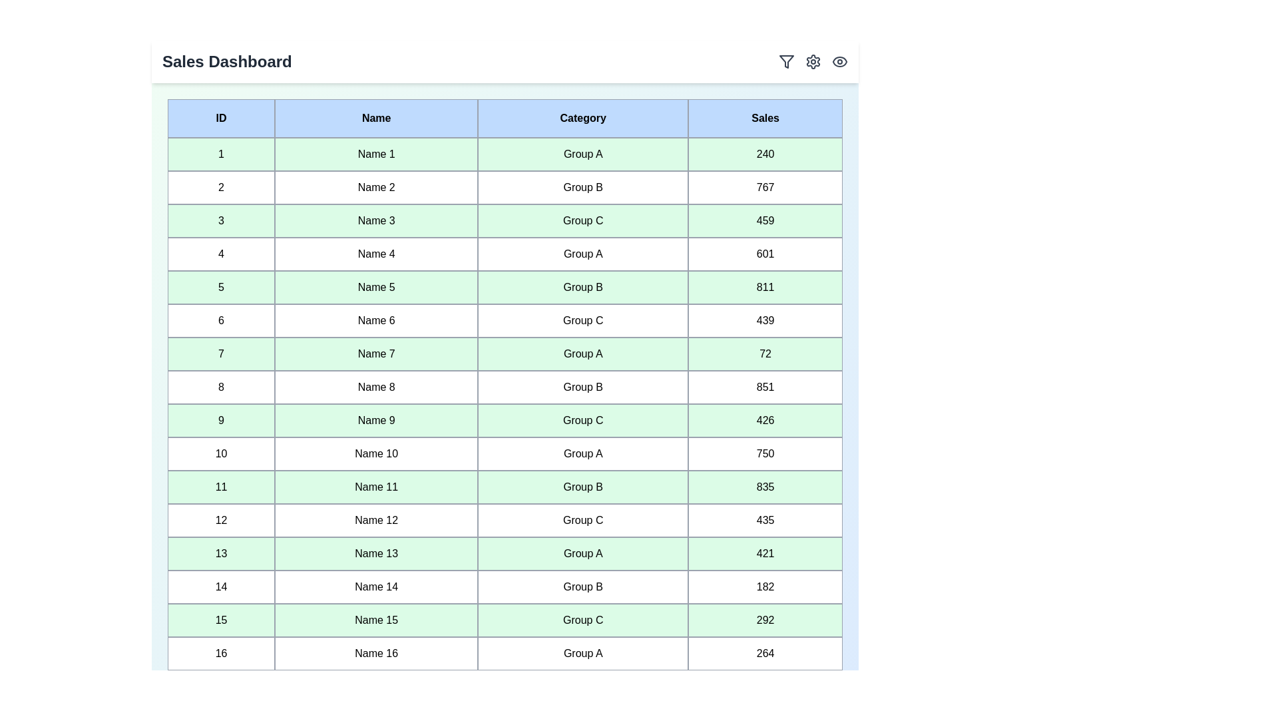  What do you see at coordinates (220, 117) in the screenshot?
I see `the header of the column ID to sort the table by that column` at bounding box center [220, 117].